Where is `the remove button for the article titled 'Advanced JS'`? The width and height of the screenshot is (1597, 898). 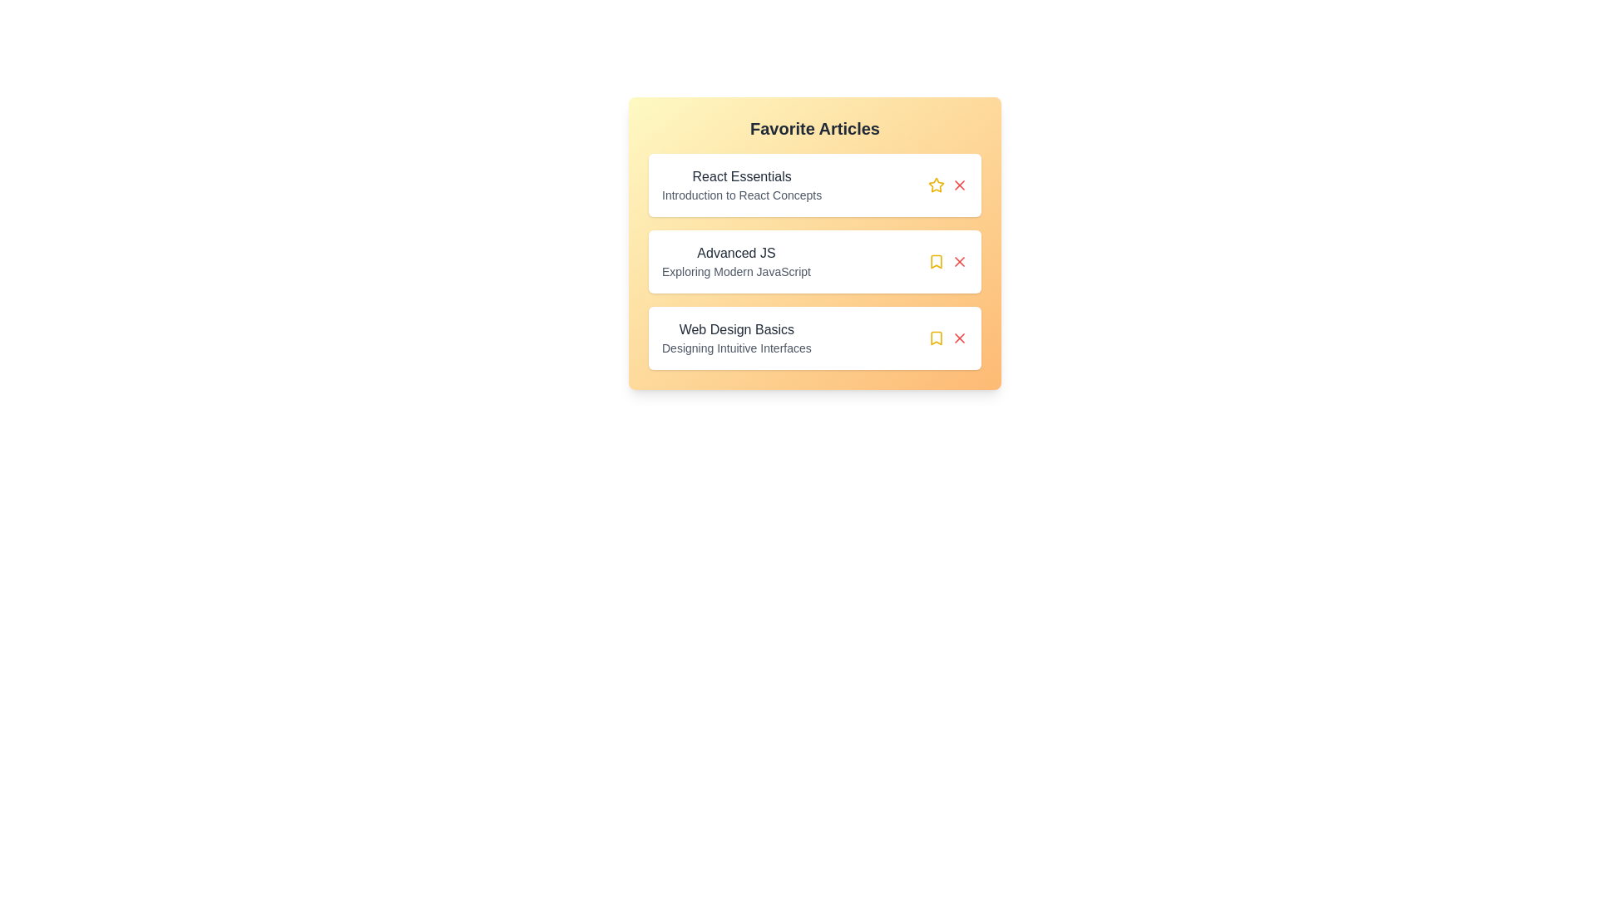 the remove button for the article titled 'Advanced JS' is located at coordinates (959, 262).